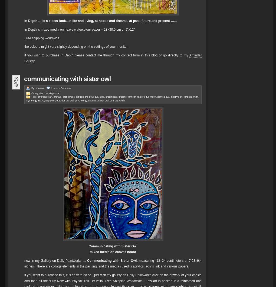 This screenshot has height=287, width=276. I want to click on 'c.g. jung', so click(99, 97).